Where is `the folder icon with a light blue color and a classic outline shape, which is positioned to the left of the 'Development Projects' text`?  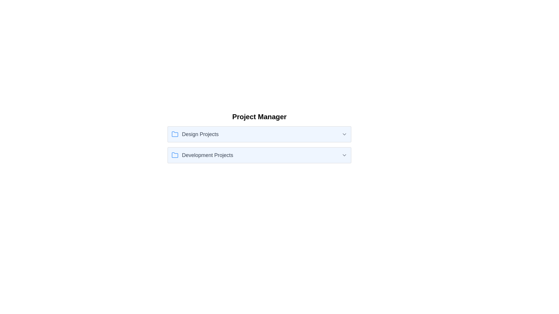 the folder icon with a light blue color and a classic outline shape, which is positioned to the left of the 'Development Projects' text is located at coordinates (174, 155).